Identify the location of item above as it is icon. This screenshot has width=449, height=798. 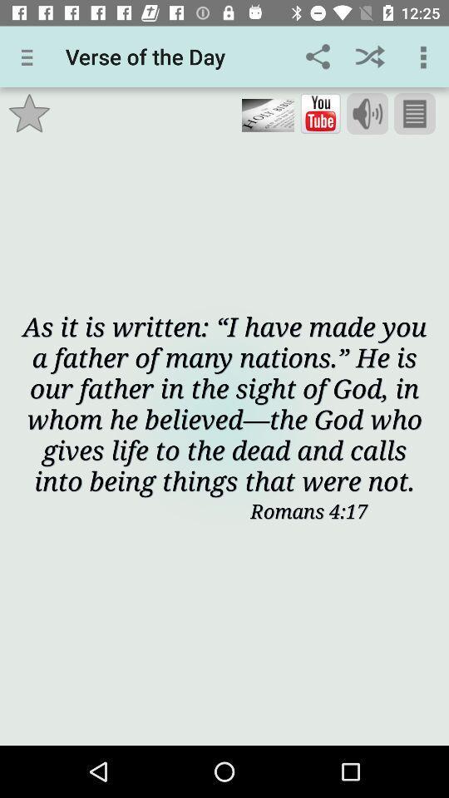
(368, 113).